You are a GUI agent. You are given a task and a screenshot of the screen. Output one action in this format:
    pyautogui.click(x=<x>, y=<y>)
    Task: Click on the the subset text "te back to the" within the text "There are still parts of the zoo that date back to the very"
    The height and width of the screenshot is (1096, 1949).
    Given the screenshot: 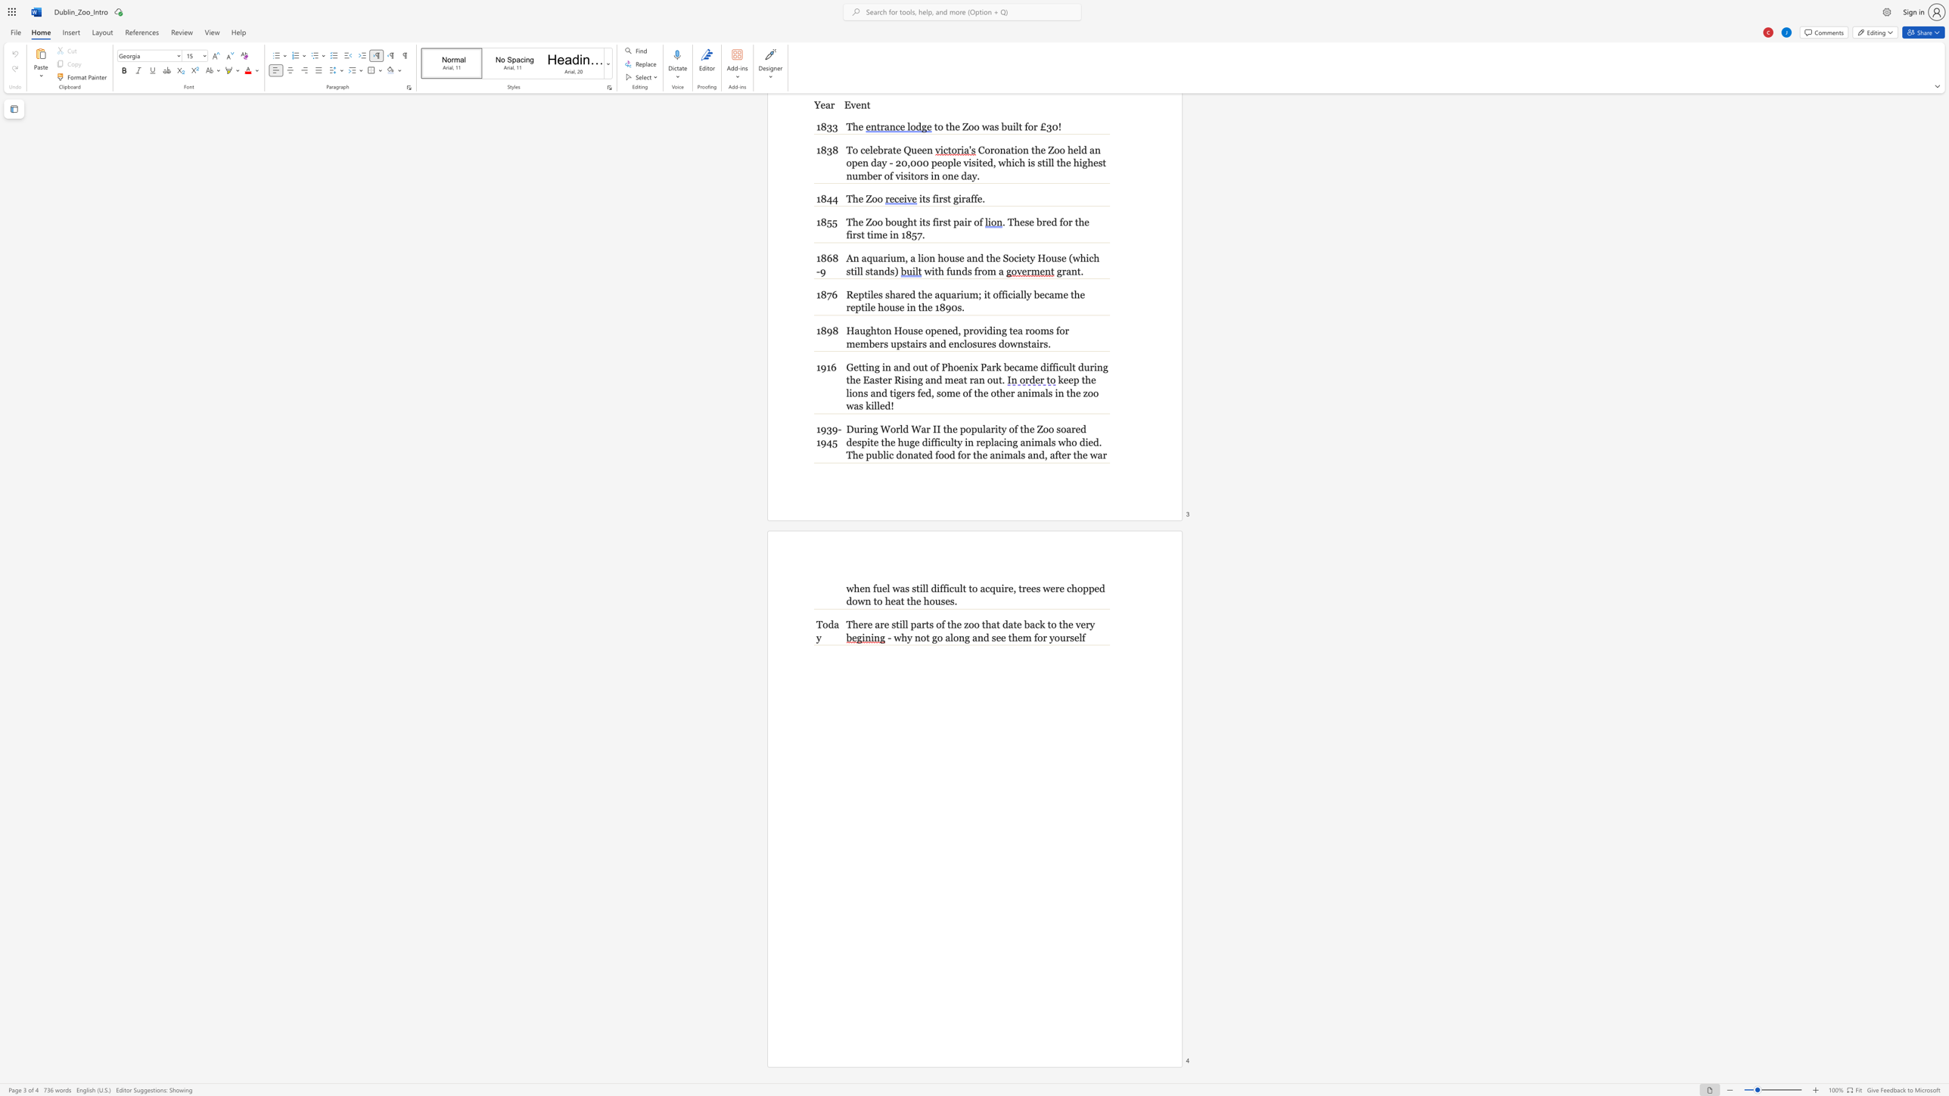 What is the action you would take?
    pyautogui.click(x=1013, y=624)
    